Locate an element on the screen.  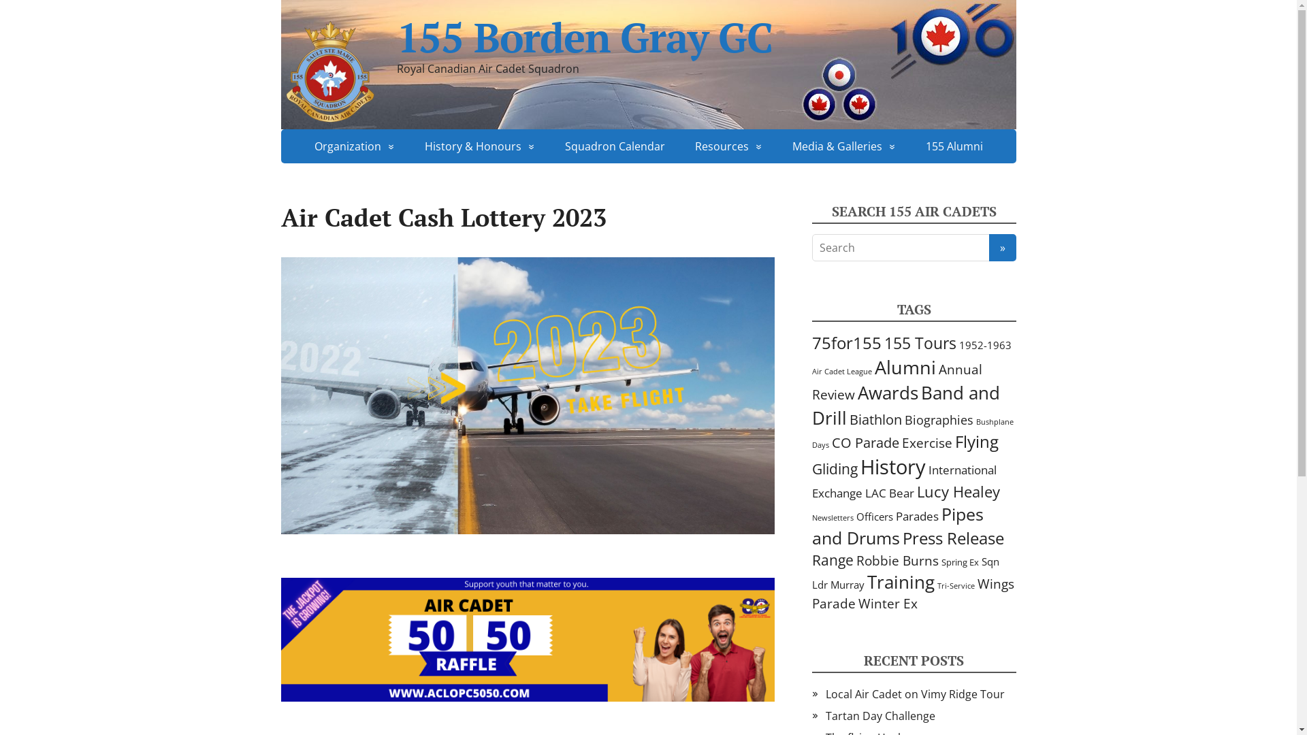
'Robbie Burns' is located at coordinates (855, 560).